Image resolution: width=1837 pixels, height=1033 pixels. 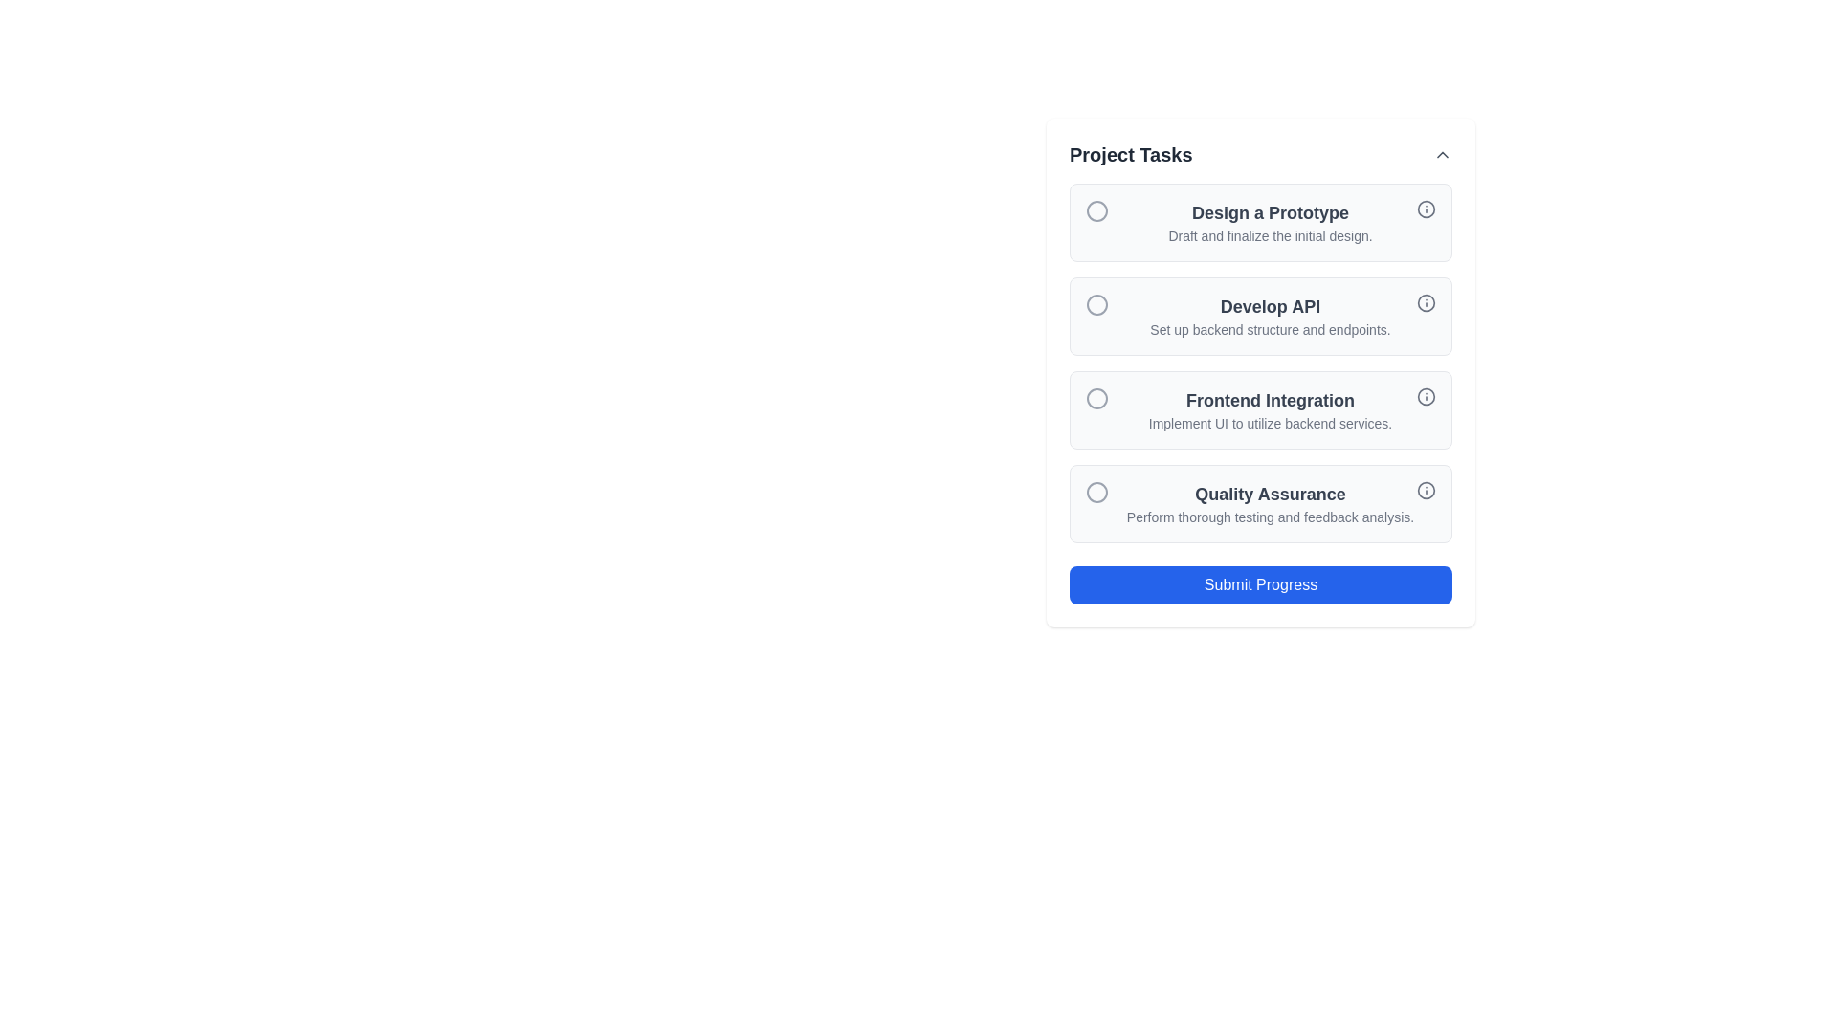 I want to click on the text element that serves as a subtitle for the task 'Frontend Integration,' positioned directly below the title and vertically centered within the third section of the task list, so click(x=1271, y=423).